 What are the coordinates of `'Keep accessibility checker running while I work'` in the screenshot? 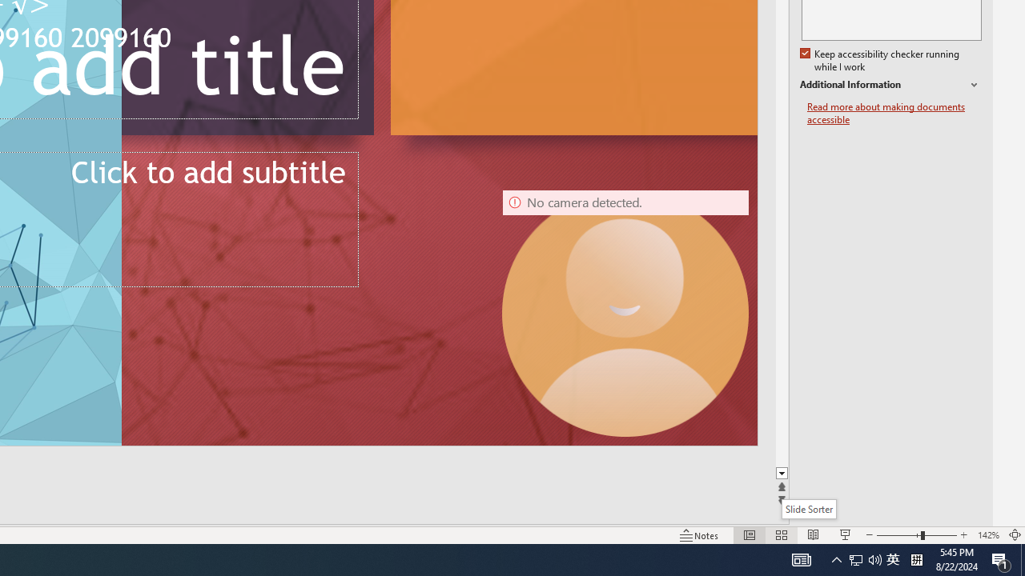 It's located at (880, 60).